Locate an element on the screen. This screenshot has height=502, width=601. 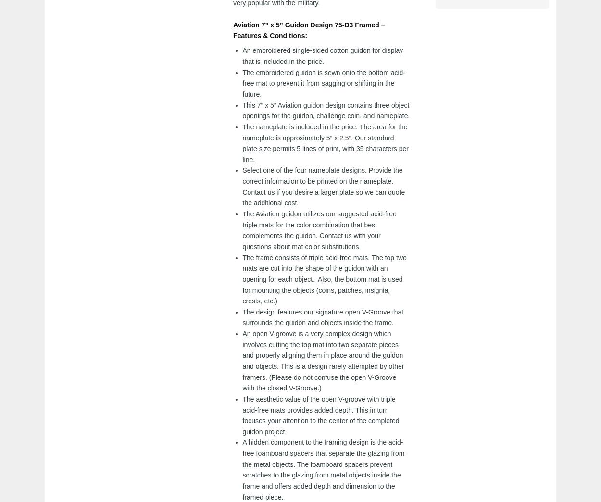
'An open V-groove is a very complex design which involves cutting the top mat into two separate pieces and properly aligning them in place around the guidon and objects. This is a design rarely attempted by other framers. (Please do not confuse the open V-Groove with the closed V-Groove.)' is located at coordinates (323, 361).